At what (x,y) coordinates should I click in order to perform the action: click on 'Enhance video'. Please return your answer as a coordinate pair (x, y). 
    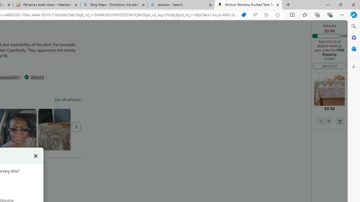
    Looking at the image, I should click on (266, 15).